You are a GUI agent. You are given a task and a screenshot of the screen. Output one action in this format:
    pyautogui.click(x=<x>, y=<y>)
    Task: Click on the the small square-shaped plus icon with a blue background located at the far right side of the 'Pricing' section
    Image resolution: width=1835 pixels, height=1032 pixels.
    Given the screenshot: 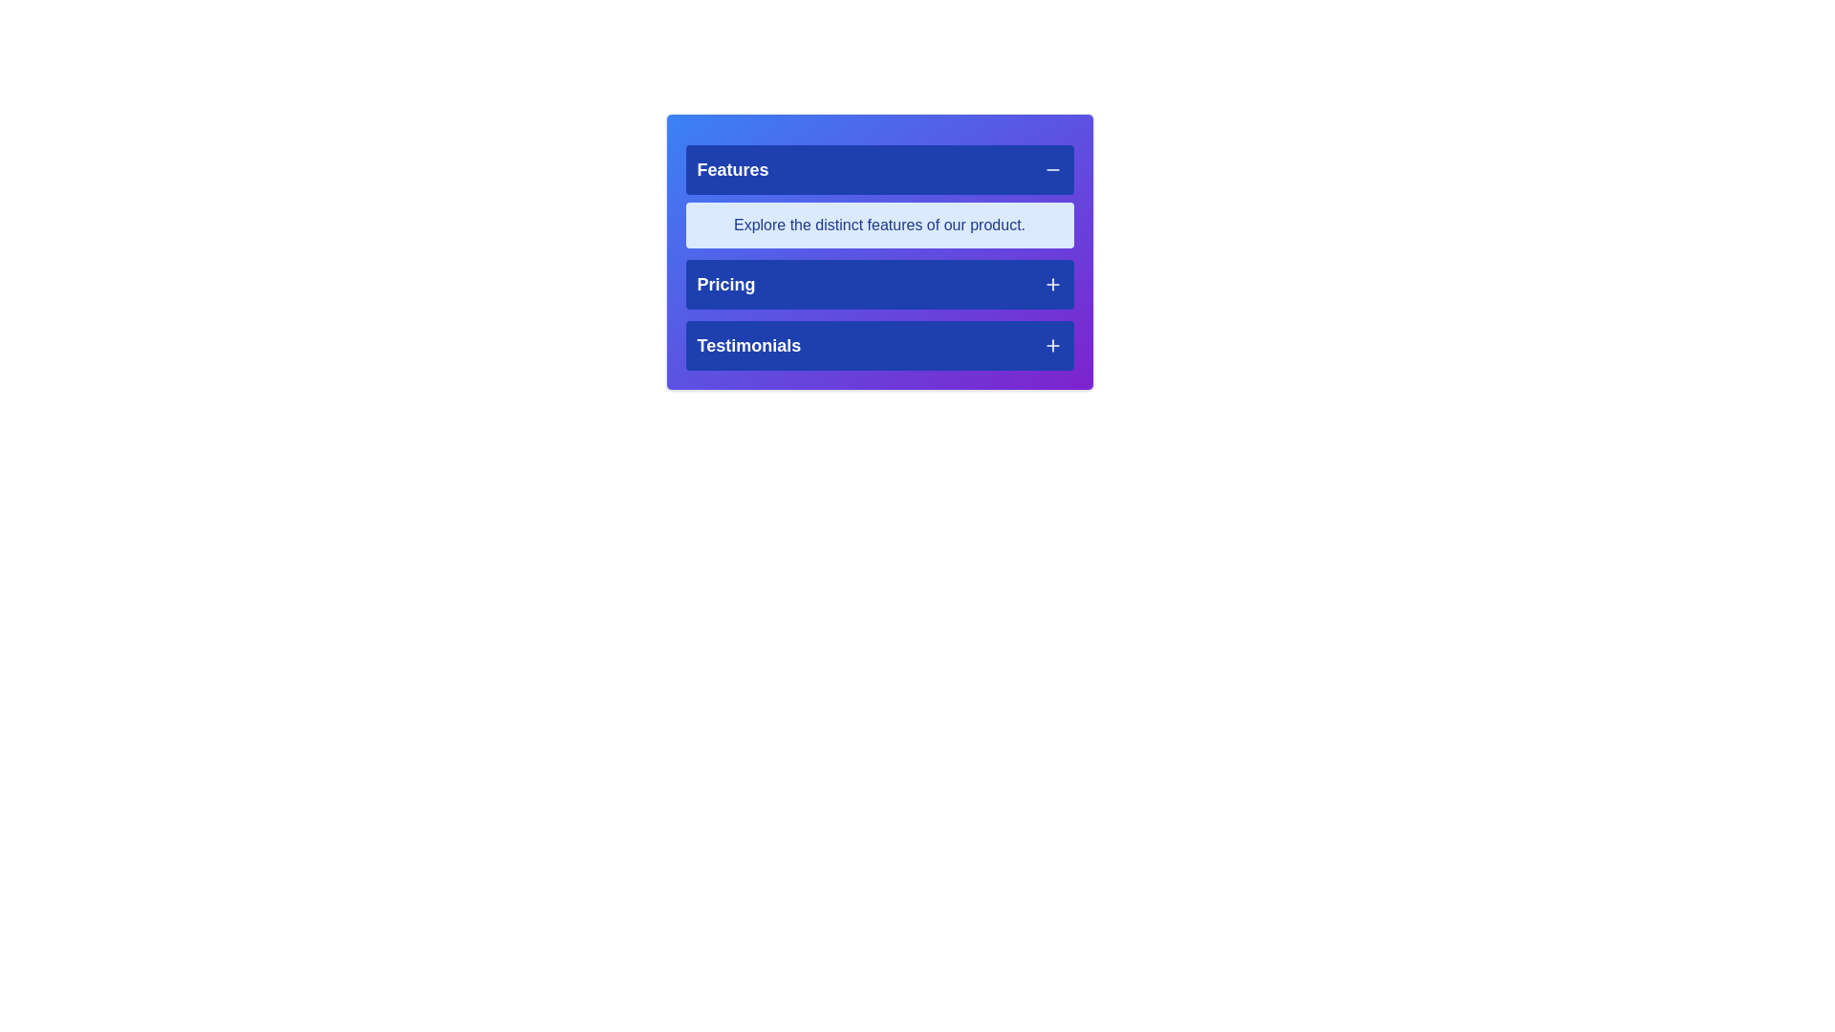 What is the action you would take?
    pyautogui.click(x=1051, y=284)
    